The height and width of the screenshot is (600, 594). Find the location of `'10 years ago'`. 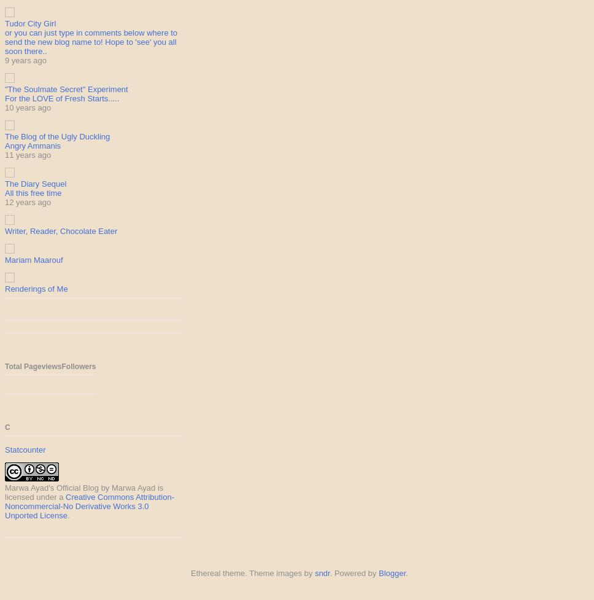

'10 years ago' is located at coordinates (27, 107).